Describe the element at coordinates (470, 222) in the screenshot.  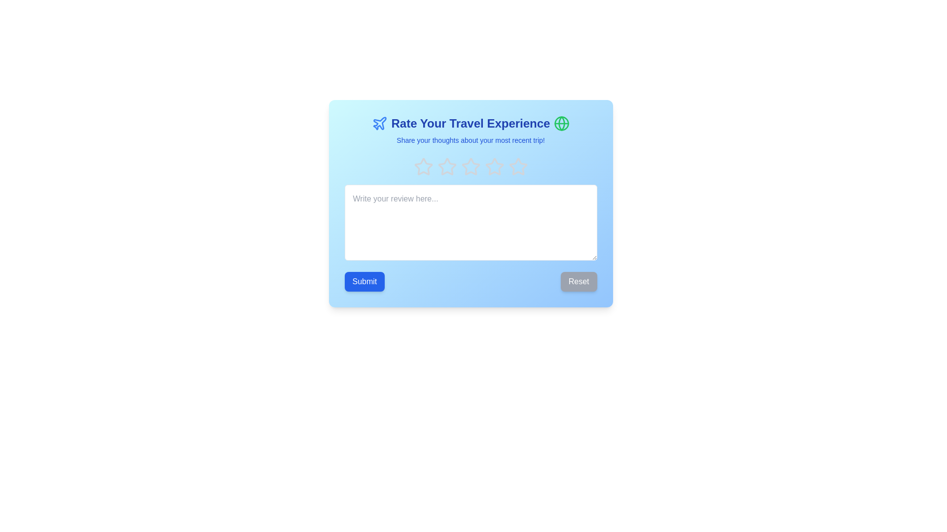
I see `the text input area for user comments` at that location.